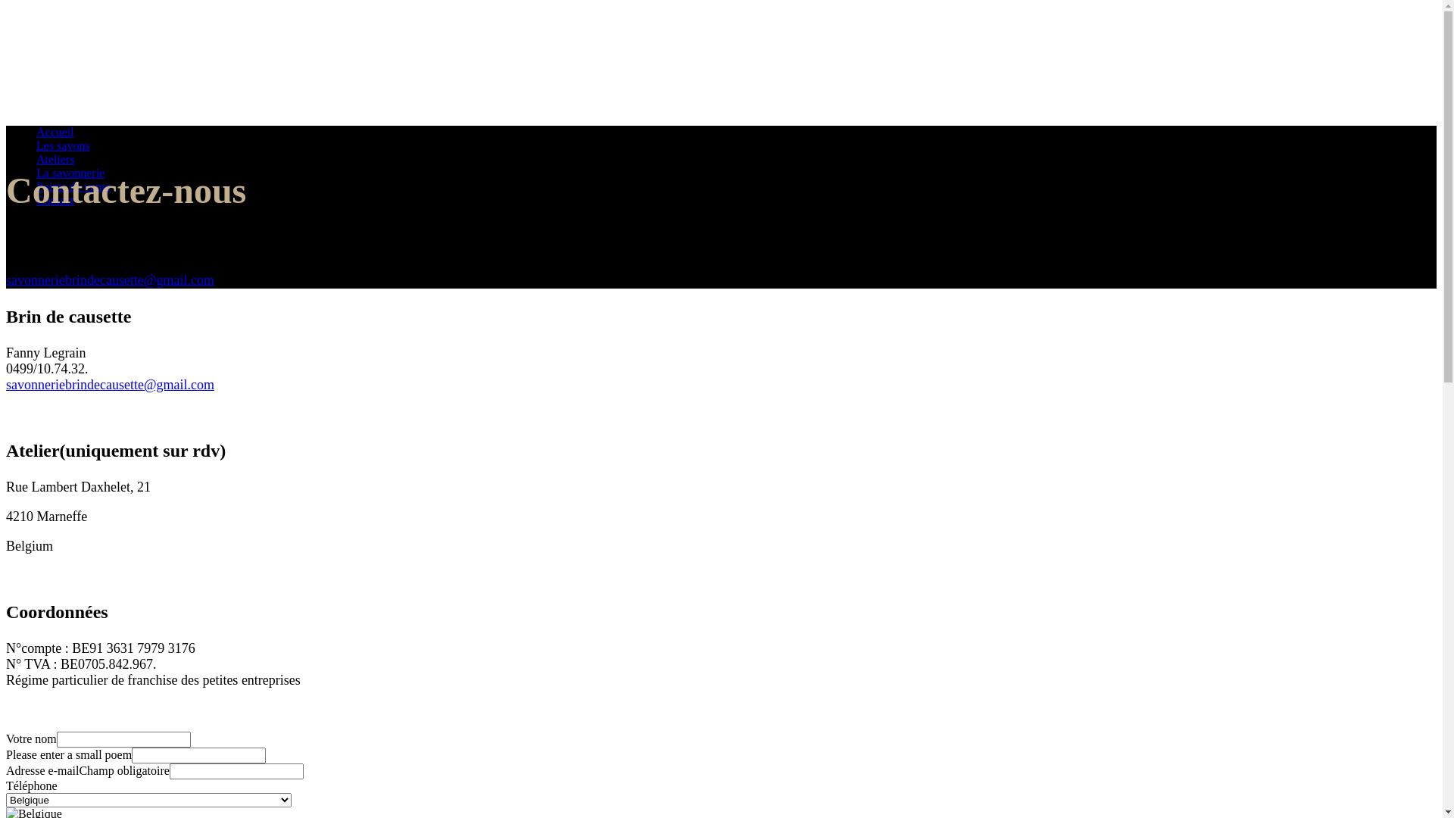 This screenshot has height=818, width=1454. What do you see at coordinates (6, 384) in the screenshot?
I see `'savonneriebrindecausette@gmail.com'` at bounding box center [6, 384].